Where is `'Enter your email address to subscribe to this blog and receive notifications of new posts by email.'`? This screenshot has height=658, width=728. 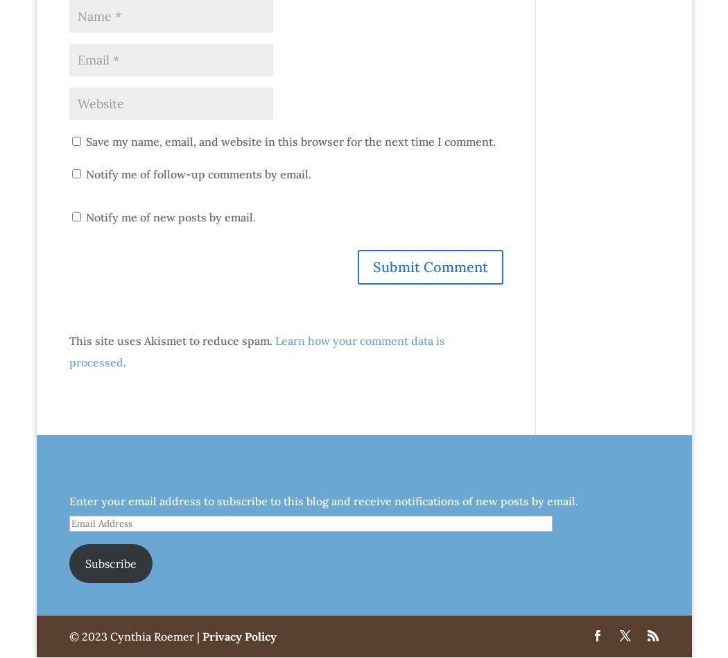 'Enter your email address to subscribe to this blog and receive notifications of new posts by email.' is located at coordinates (322, 500).